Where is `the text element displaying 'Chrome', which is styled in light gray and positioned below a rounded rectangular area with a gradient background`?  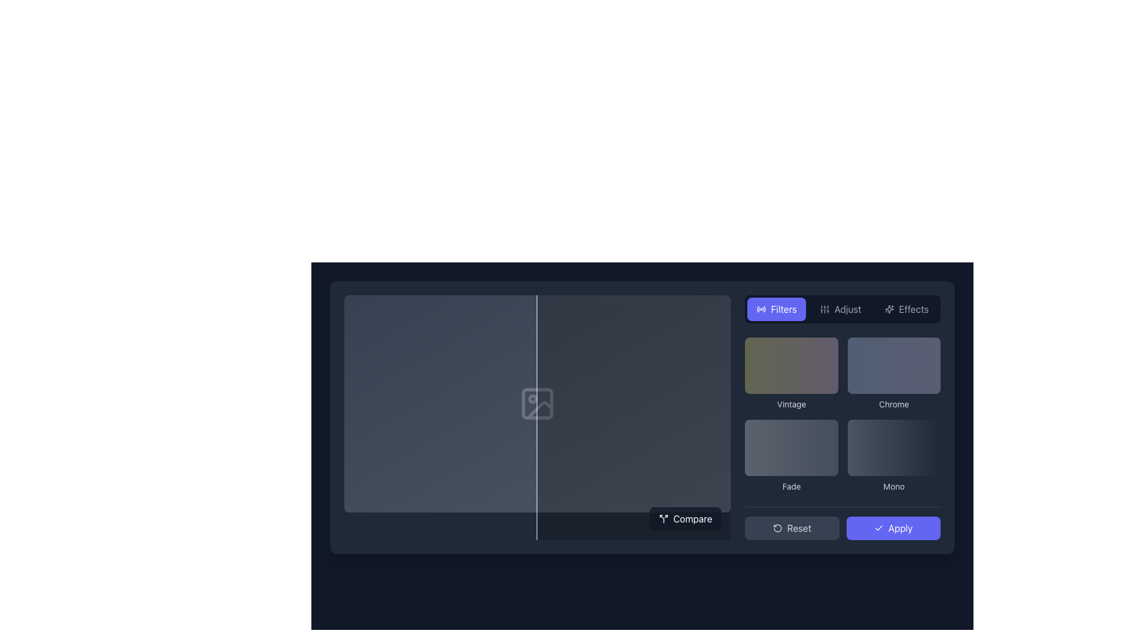 the text element displaying 'Chrome', which is styled in light gray and positioned below a rounded rectangular area with a gradient background is located at coordinates (893, 404).